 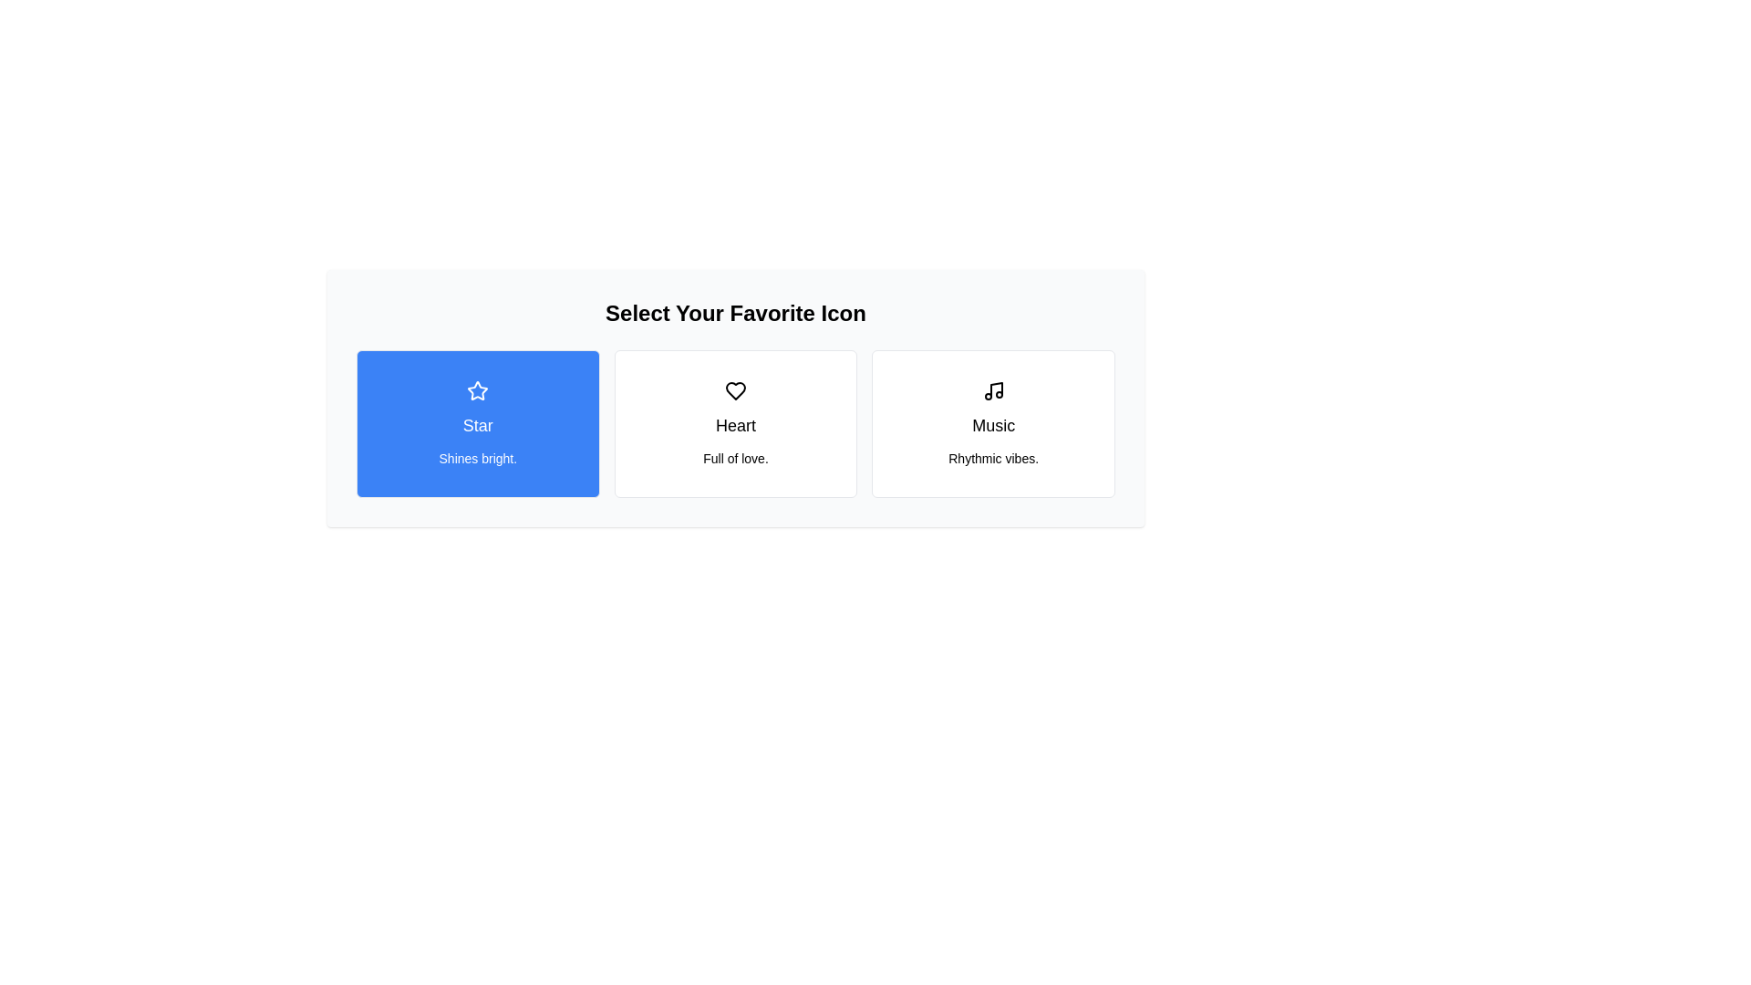 I want to click on text displayed in the title or label for the card associated with the concept of a 'Star', which is located in the blue rectangular card at the first position among three horizontal options, so click(x=478, y=425).